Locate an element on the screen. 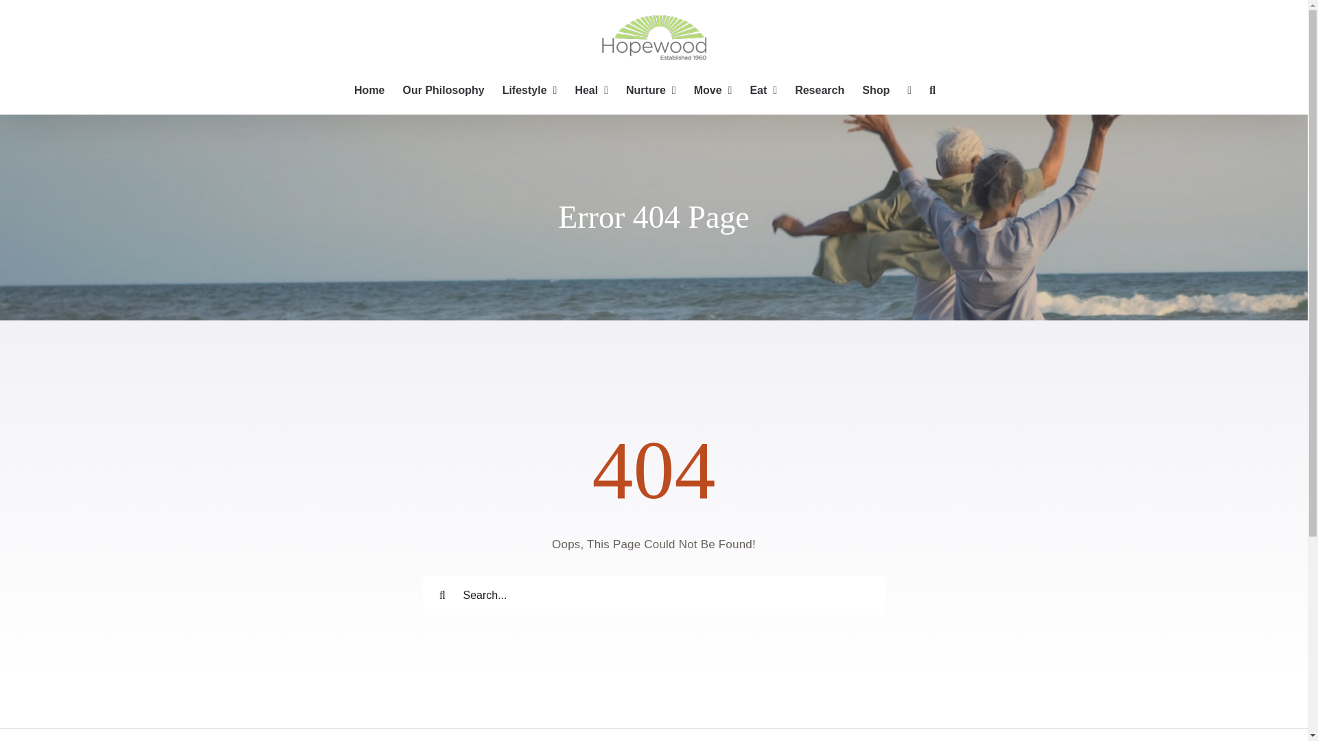 Image resolution: width=1318 pixels, height=741 pixels. 'Lifestyle' is located at coordinates (529, 90).